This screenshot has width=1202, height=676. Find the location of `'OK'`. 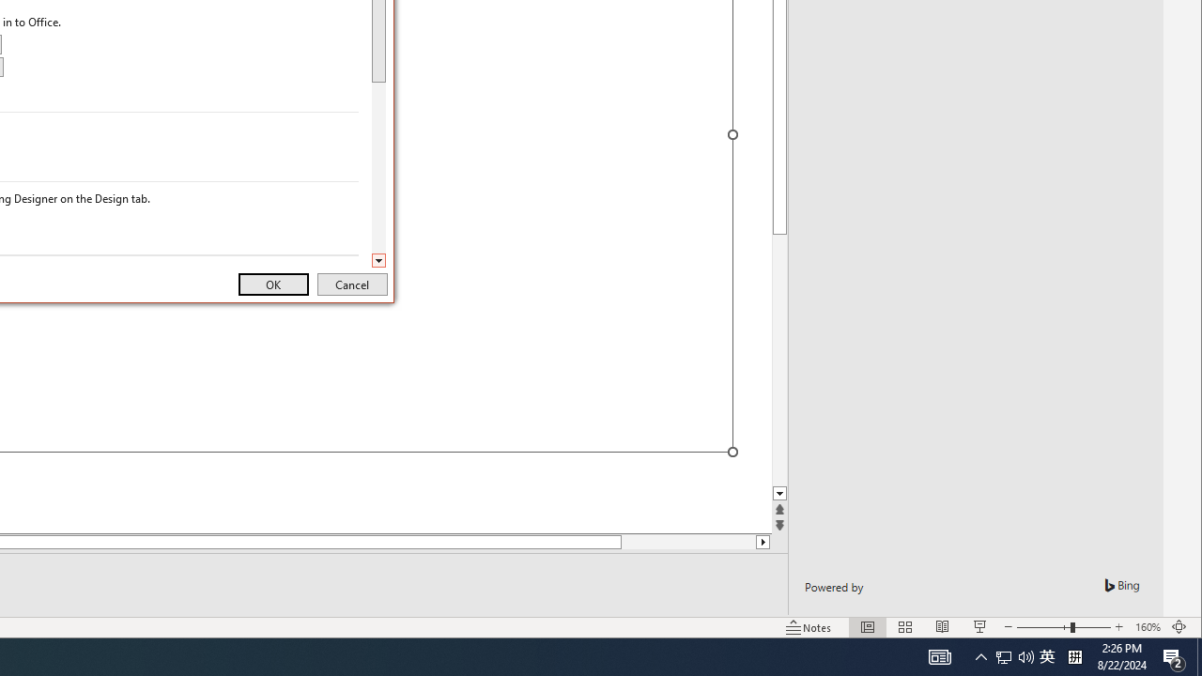

'OK' is located at coordinates (272, 284).